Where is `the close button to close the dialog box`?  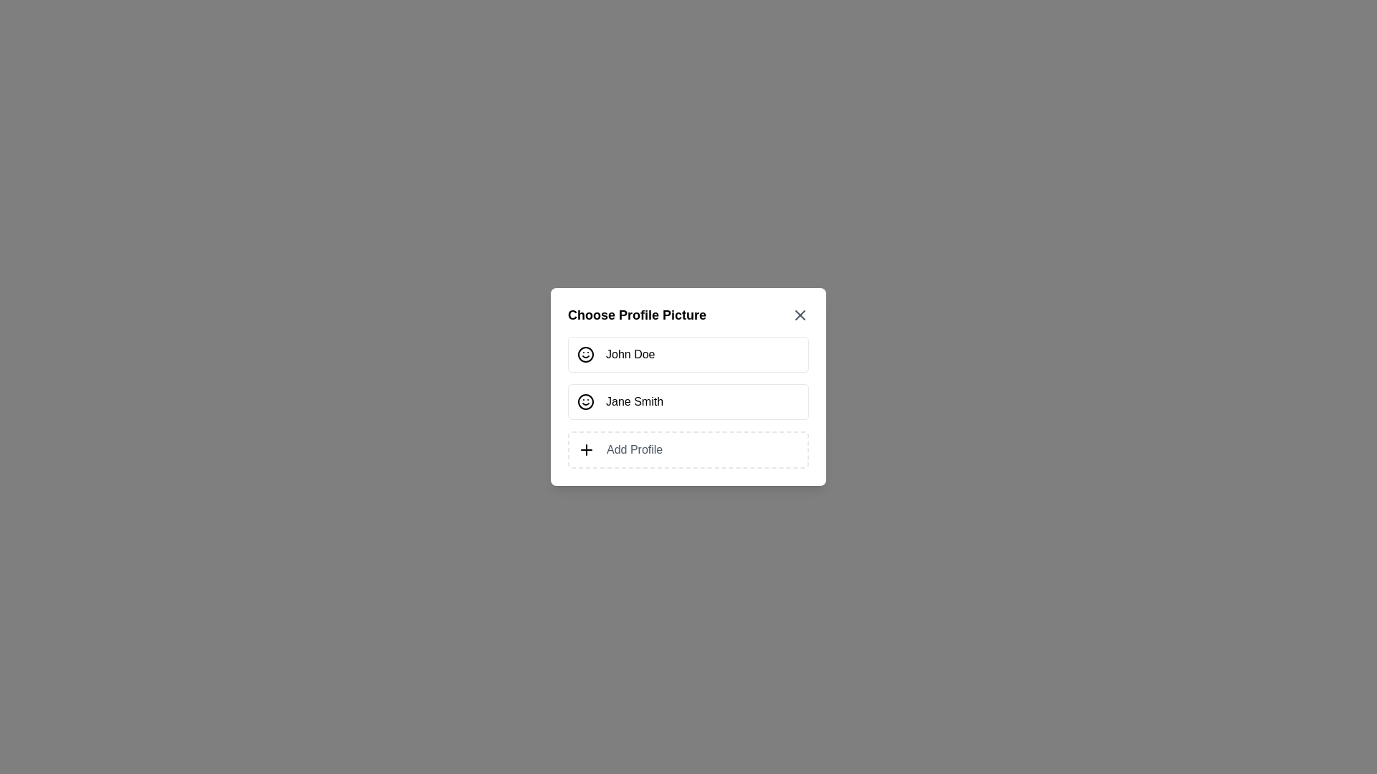 the close button to close the dialog box is located at coordinates (800, 314).